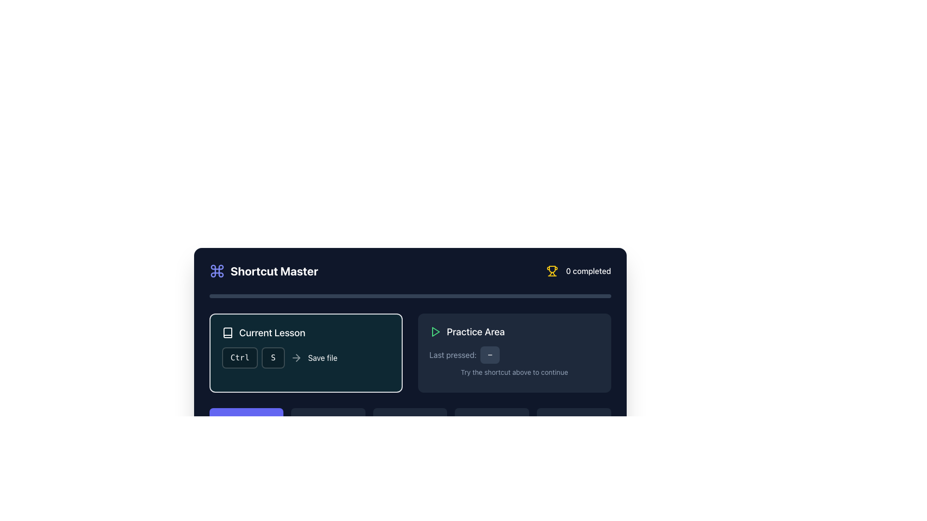 The height and width of the screenshot is (521, 927). Describe the element at coordinates (239, 357) in the screenshot. I see `the 'Ctrl' key visual representation in the 'Current Lesson' section, located on the left side of the interface` at that location.